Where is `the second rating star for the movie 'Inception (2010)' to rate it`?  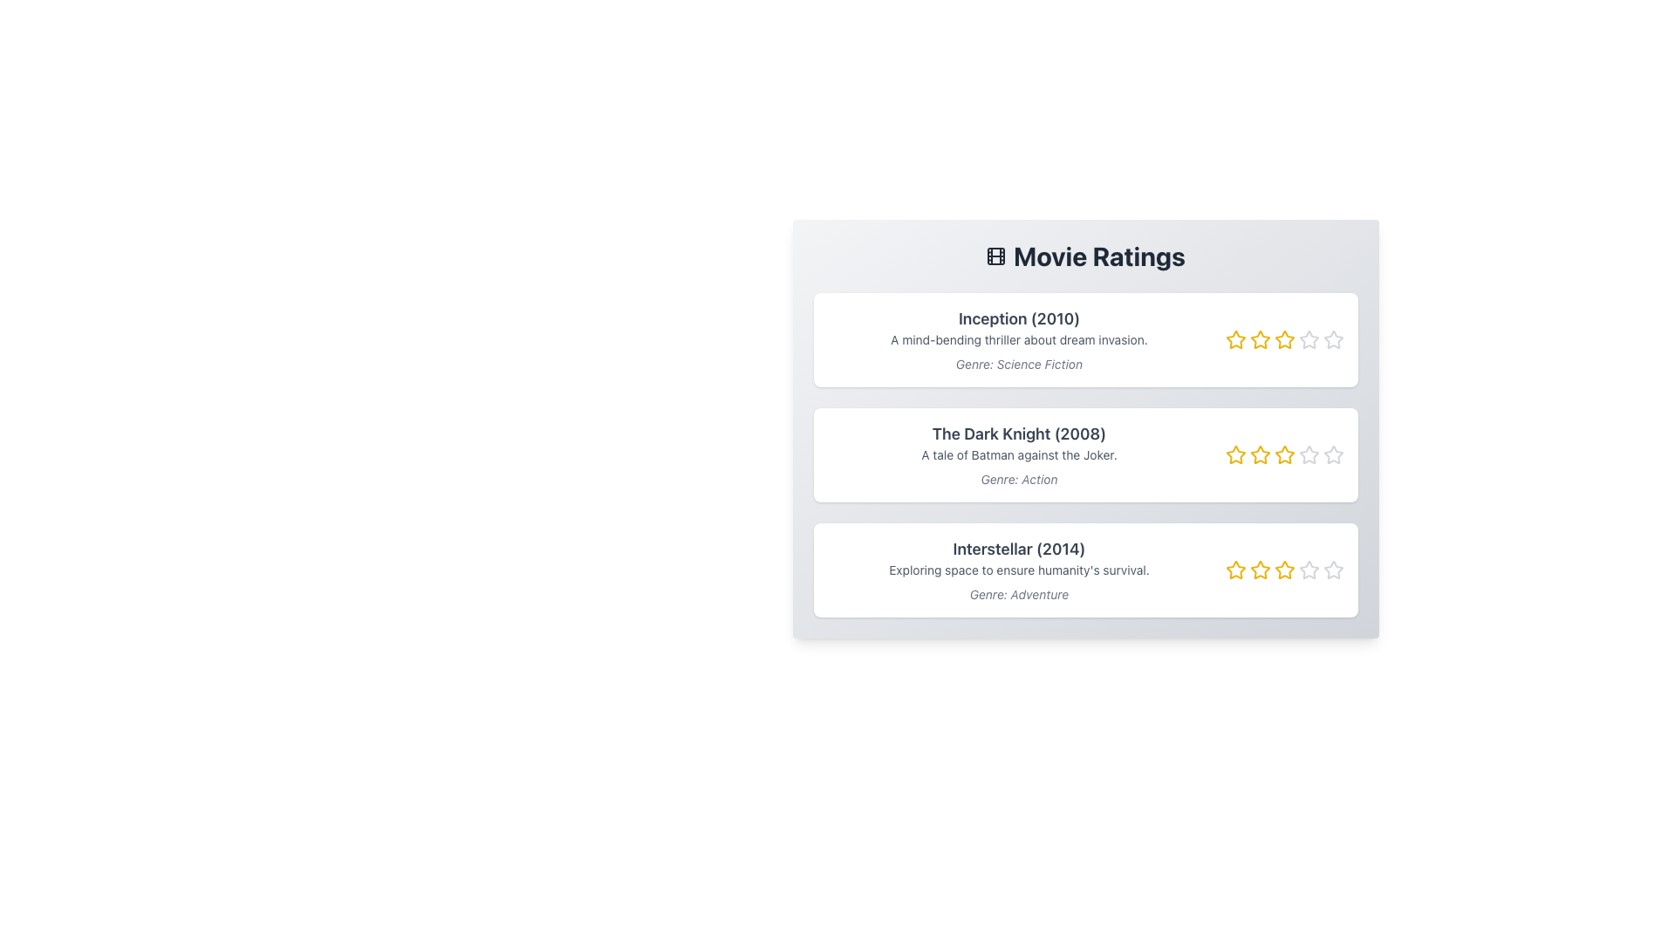 the second rating star for the movie 'Inception (2010)' to rate it is located at coordinates (1260, 339).